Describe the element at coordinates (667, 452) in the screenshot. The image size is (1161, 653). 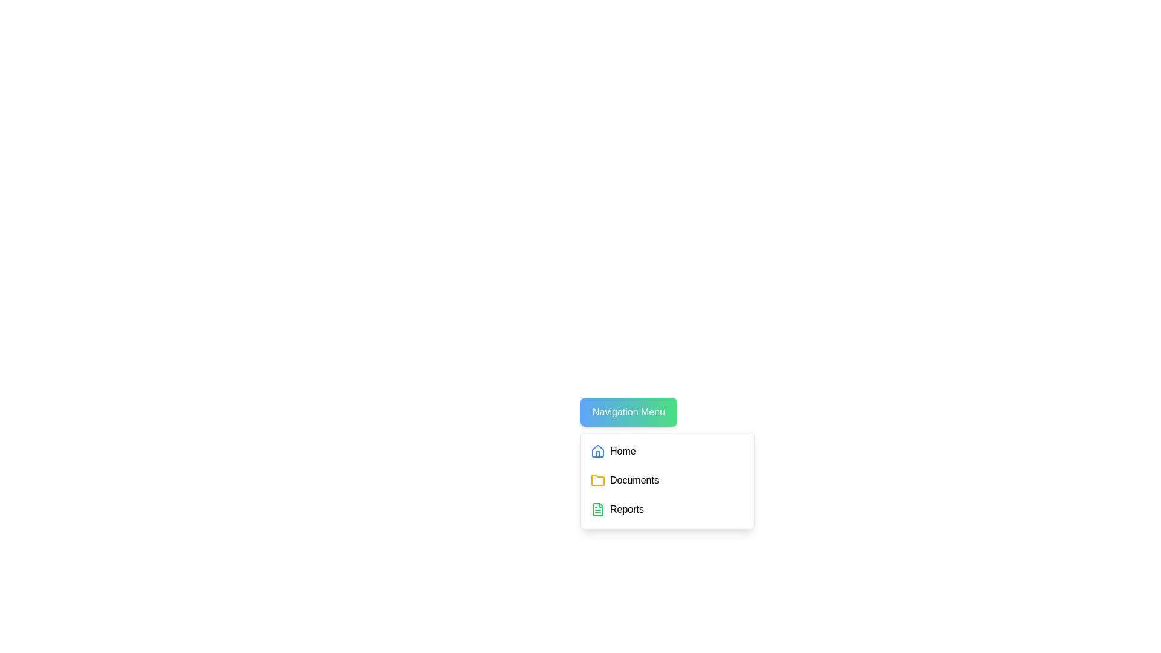
I see `the 'Home' menu item to select it` at that location.